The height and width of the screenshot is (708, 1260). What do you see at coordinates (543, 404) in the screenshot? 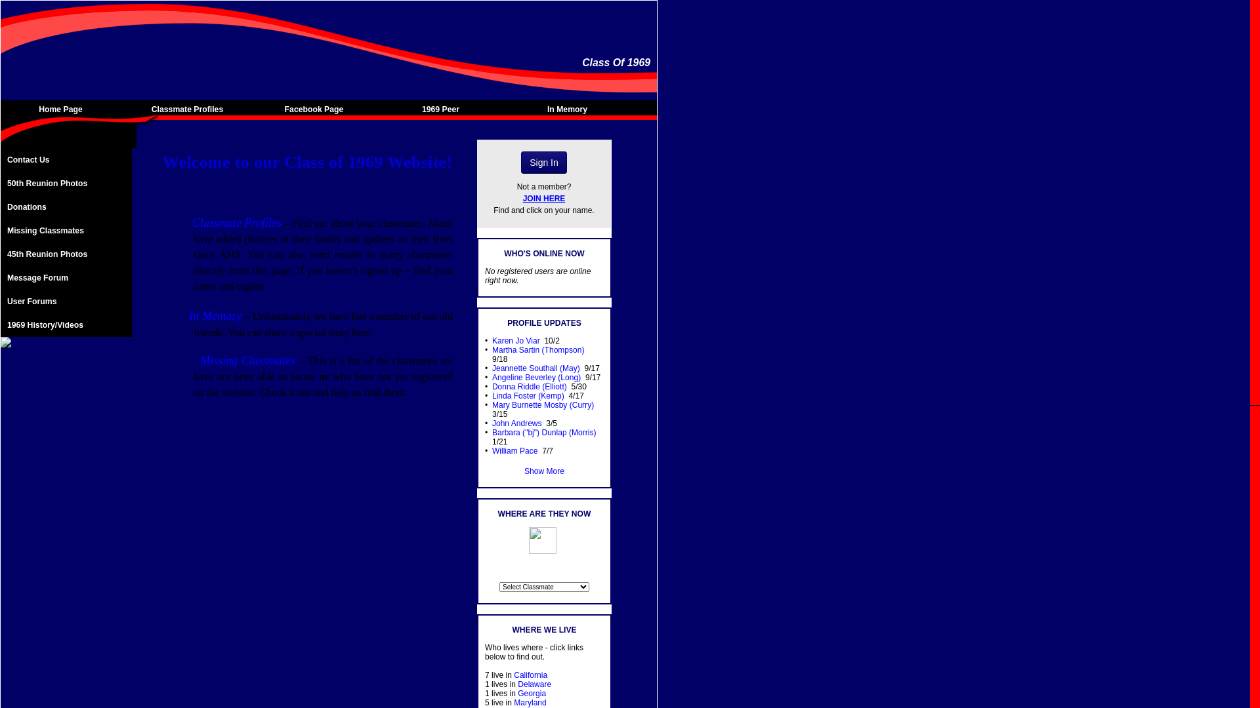
I see `'Mary Burnette Mosby (Curry)'` at bounding box center [543, 404].